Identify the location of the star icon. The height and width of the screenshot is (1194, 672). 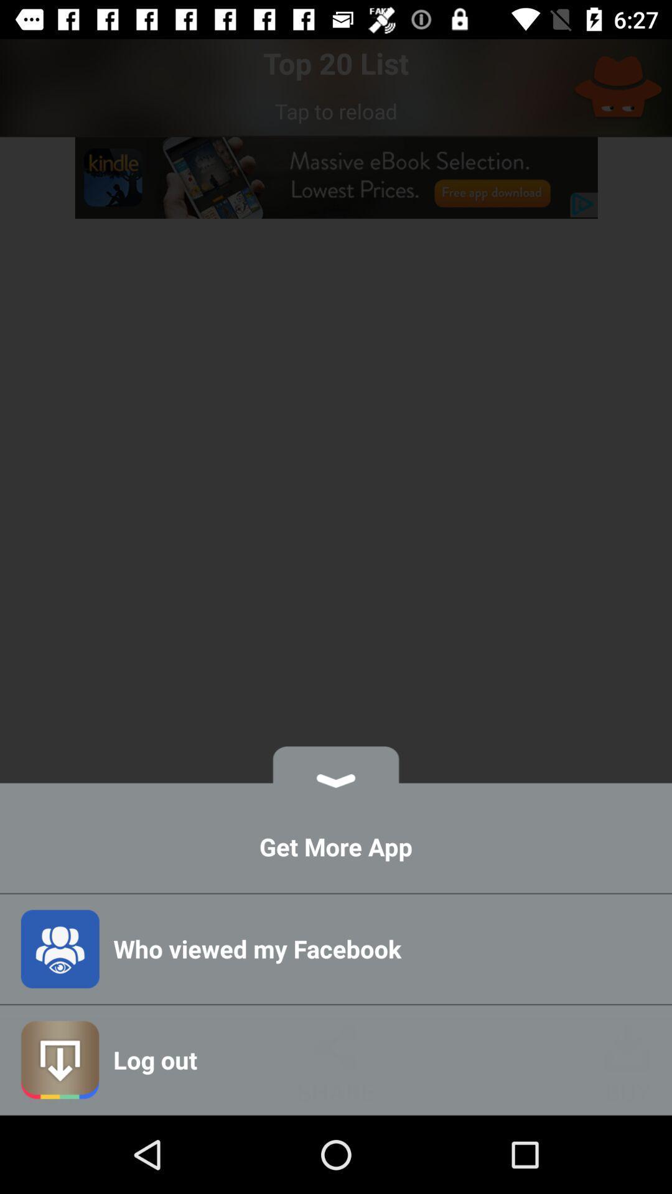
(618, 87).